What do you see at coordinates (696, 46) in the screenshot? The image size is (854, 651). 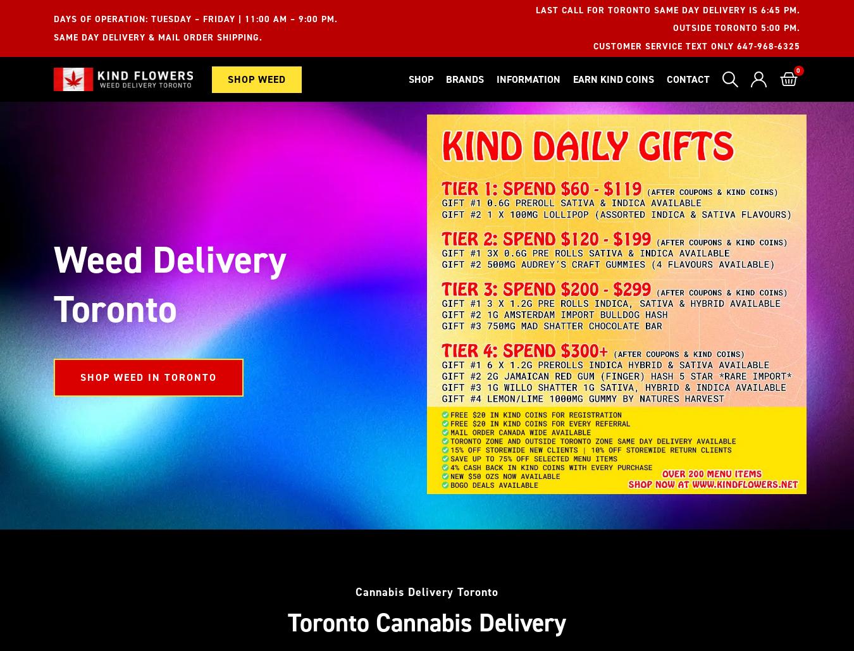 I see `'Customer Service Text Only 647-968-6325'` at bounding box center [696, 46].